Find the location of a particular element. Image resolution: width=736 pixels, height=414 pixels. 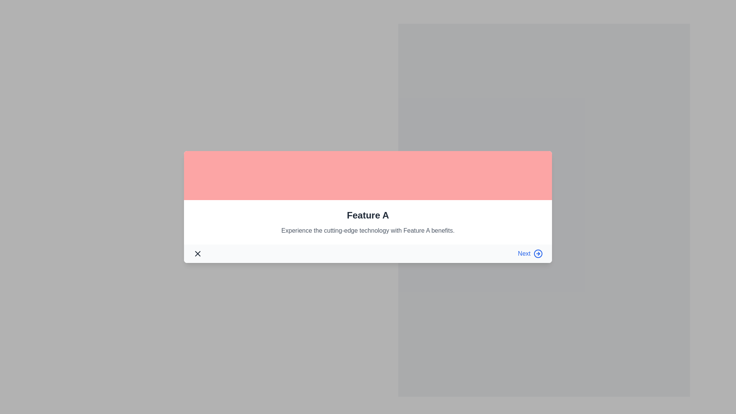

the close button icon resembling an 'X' in the bottom-left corner of the modal to trigger its hover effect is located at coordinates (197, 254).